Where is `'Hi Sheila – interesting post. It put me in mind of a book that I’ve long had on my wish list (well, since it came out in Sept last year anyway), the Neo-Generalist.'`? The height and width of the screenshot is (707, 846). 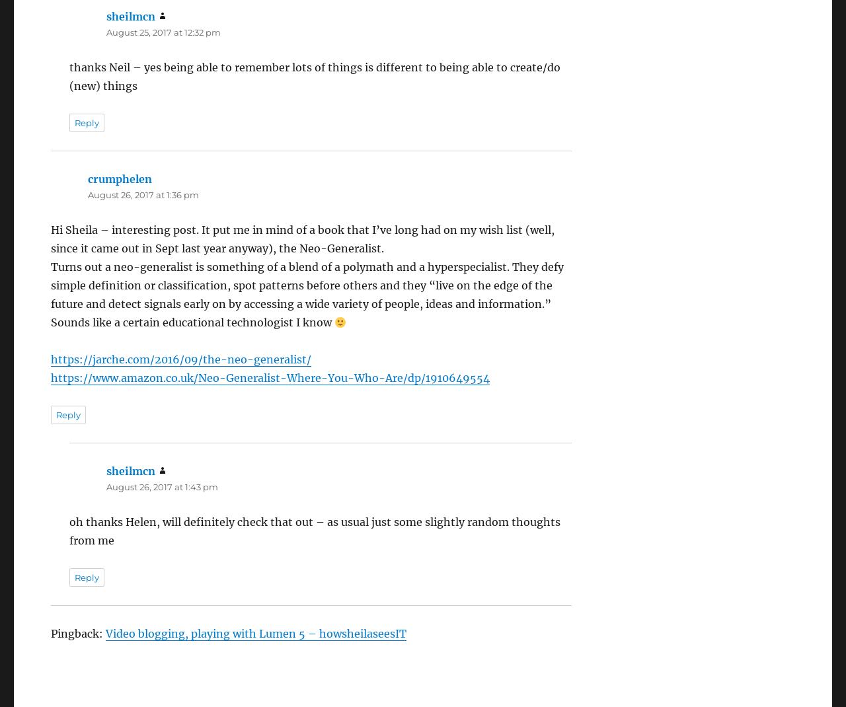
'Hi Sheila – interesting post. It put me in mind of a book that I’ve long had on my wish list (well, since it came out in Sept last year anyway), the Neo-Generalist.' is located at coordinates (301, 238).